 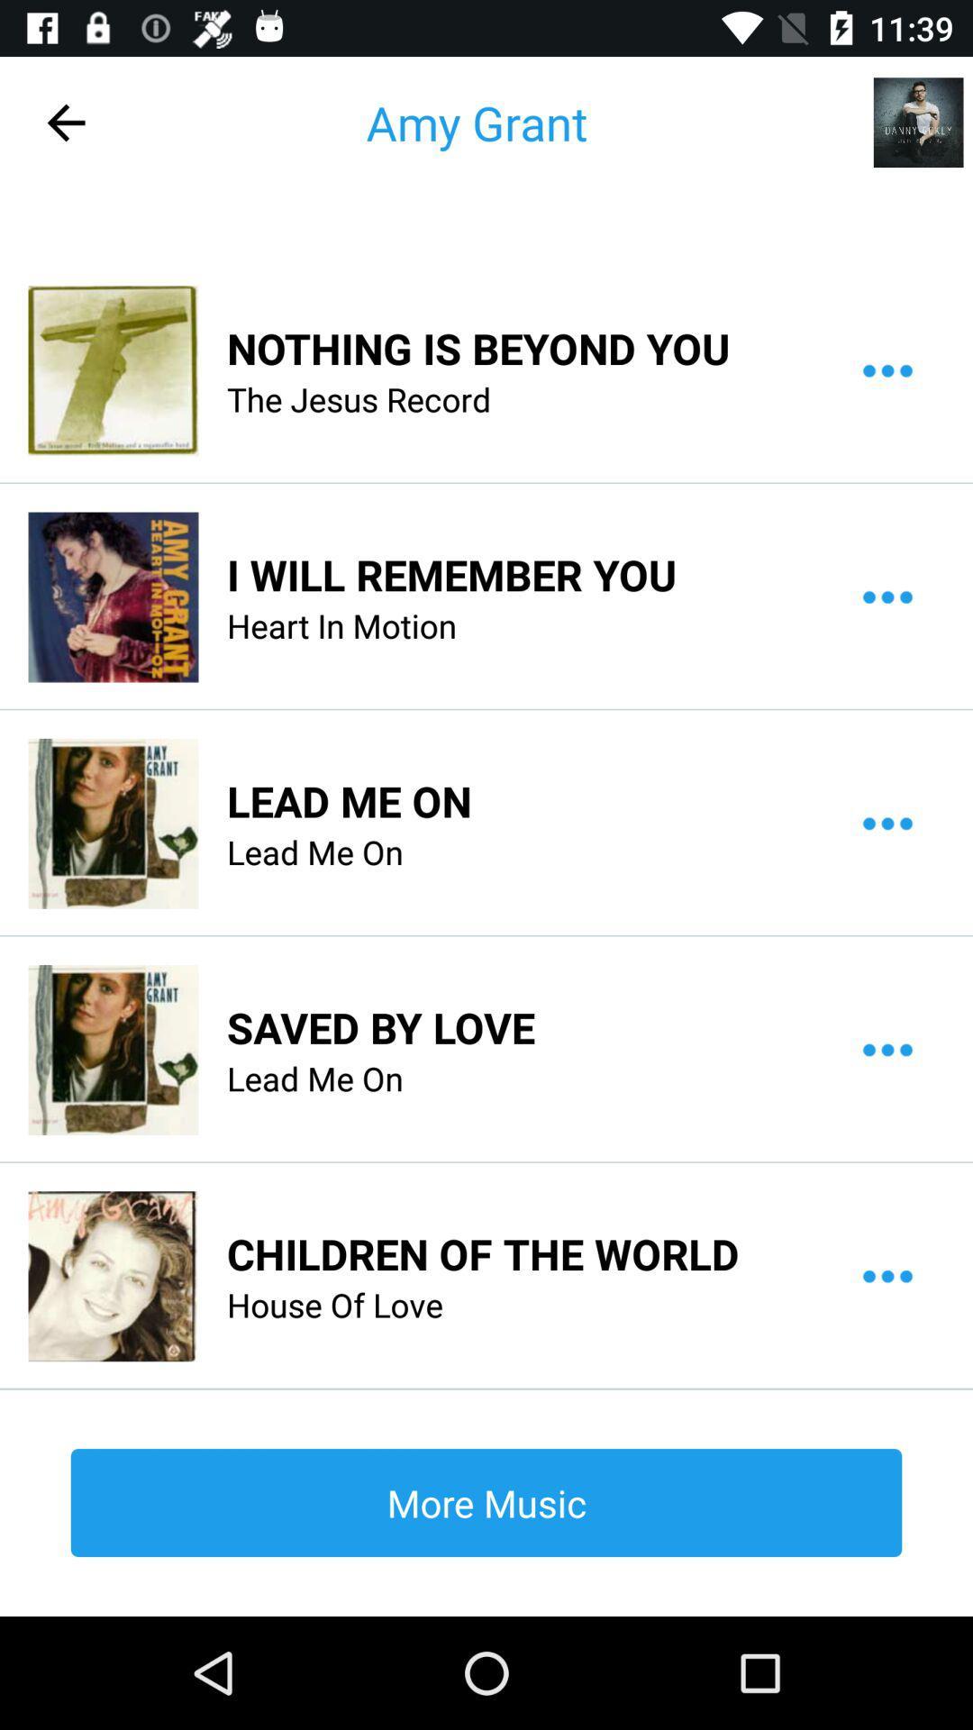 I want to click on item above the heart in motion item, so click(x=450, y=573).